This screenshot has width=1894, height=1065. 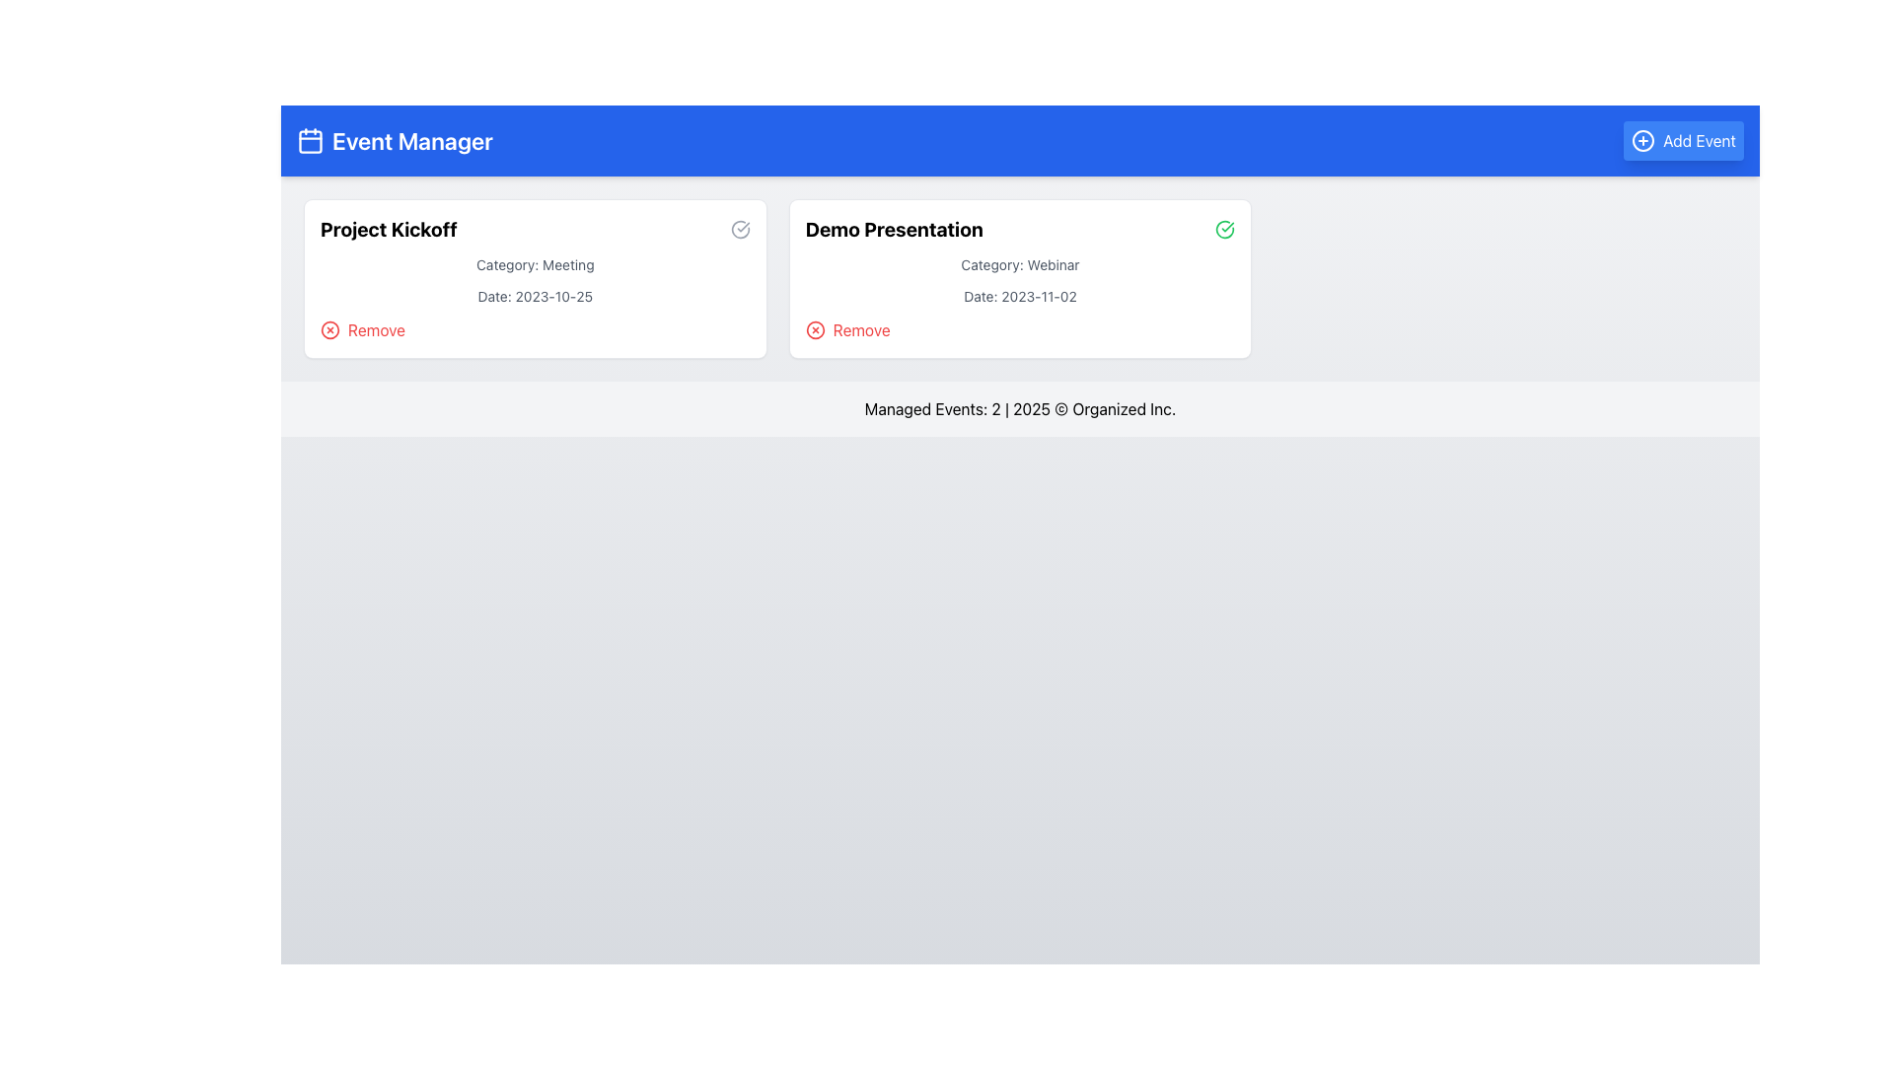 I want to click on the remove icon associated with the 'Demo Presentation' event, located below the event title and to the left of the 'Remove' text, so click(x=815, y=329).